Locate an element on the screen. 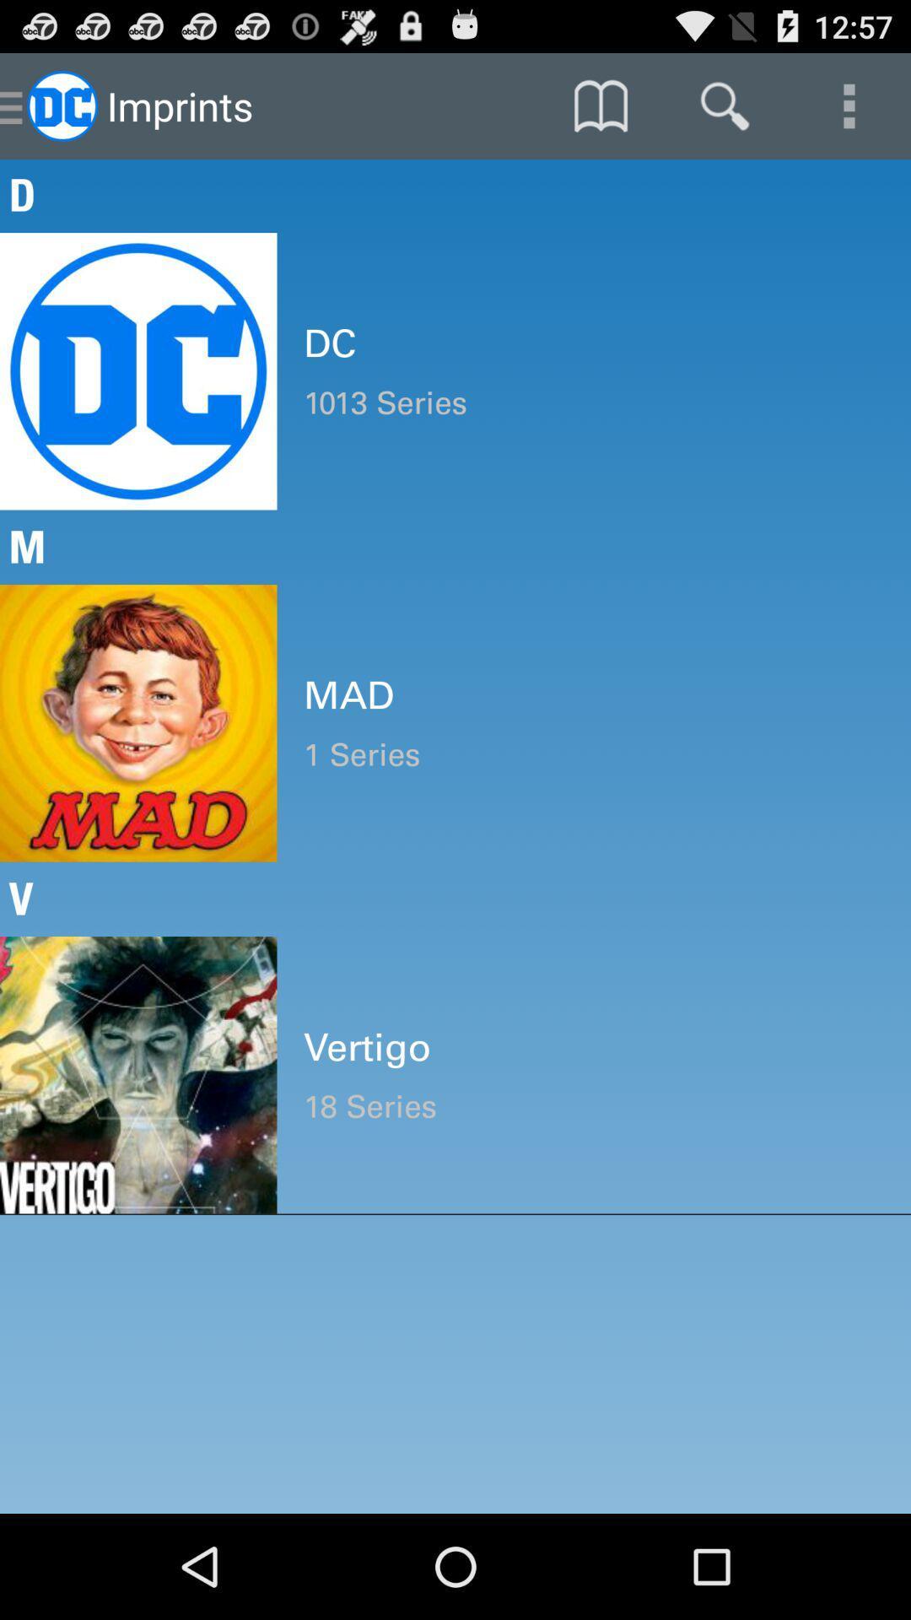 The width and height of the screenshot is (911, 1620). icon above the 1013 series item is located at coordinates (593, 343).